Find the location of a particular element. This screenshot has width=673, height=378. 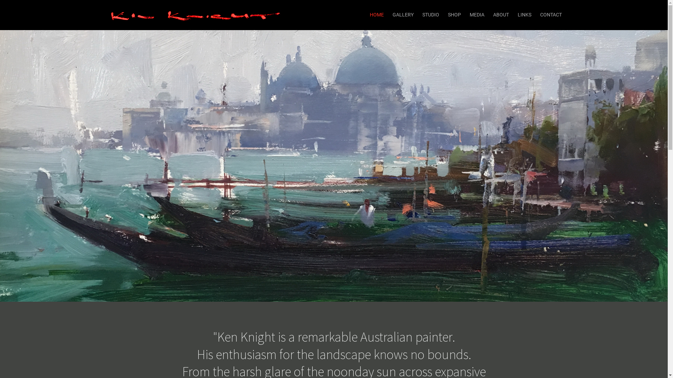

'MEDIA' is located at coordinates (469, 15).